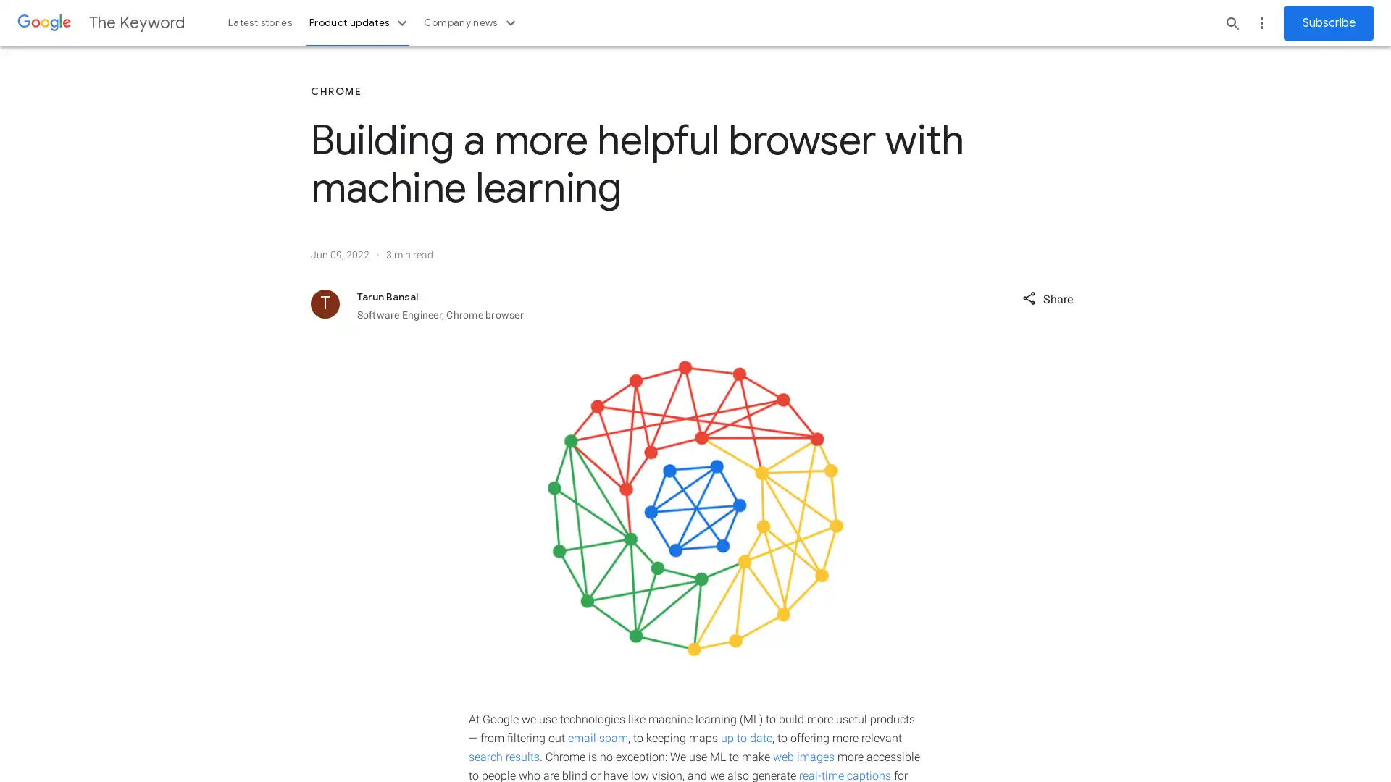  Describe the element at coordinates (1232, 22) in the screenshot. I see `Search` at that location.